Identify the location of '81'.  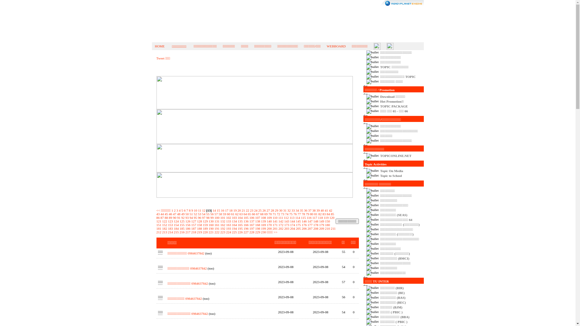
(314, 214).